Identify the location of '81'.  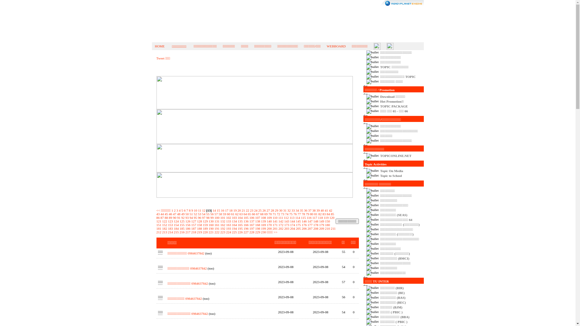
(314, 214).